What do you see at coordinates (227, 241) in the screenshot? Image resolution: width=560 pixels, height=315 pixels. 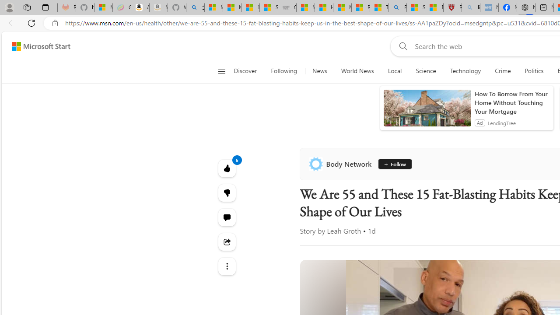 I see `'Share this story'` at bounding box center [227, 241].